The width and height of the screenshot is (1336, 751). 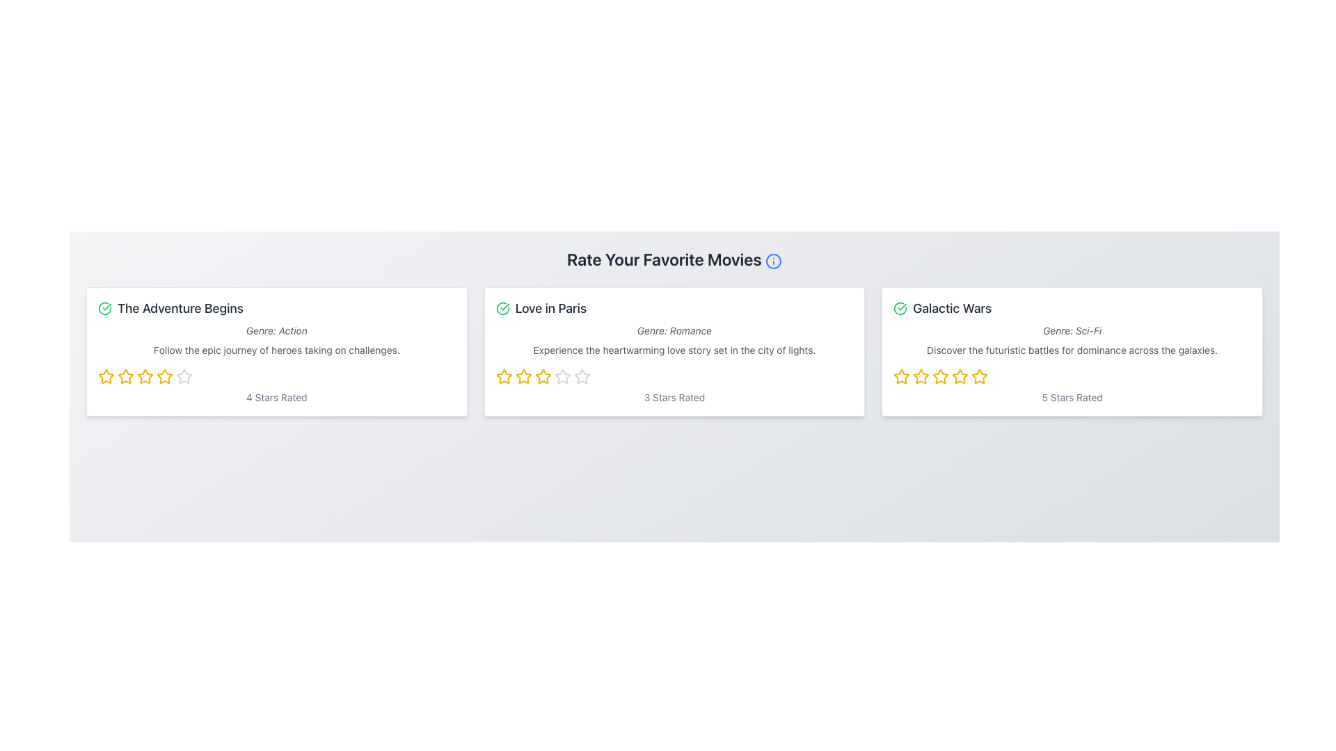 I want to click on the static text element that describes the movie 'Galactic Wars', located as the third line of text within its card, centered horizontally, so click(x=1072, y=350).